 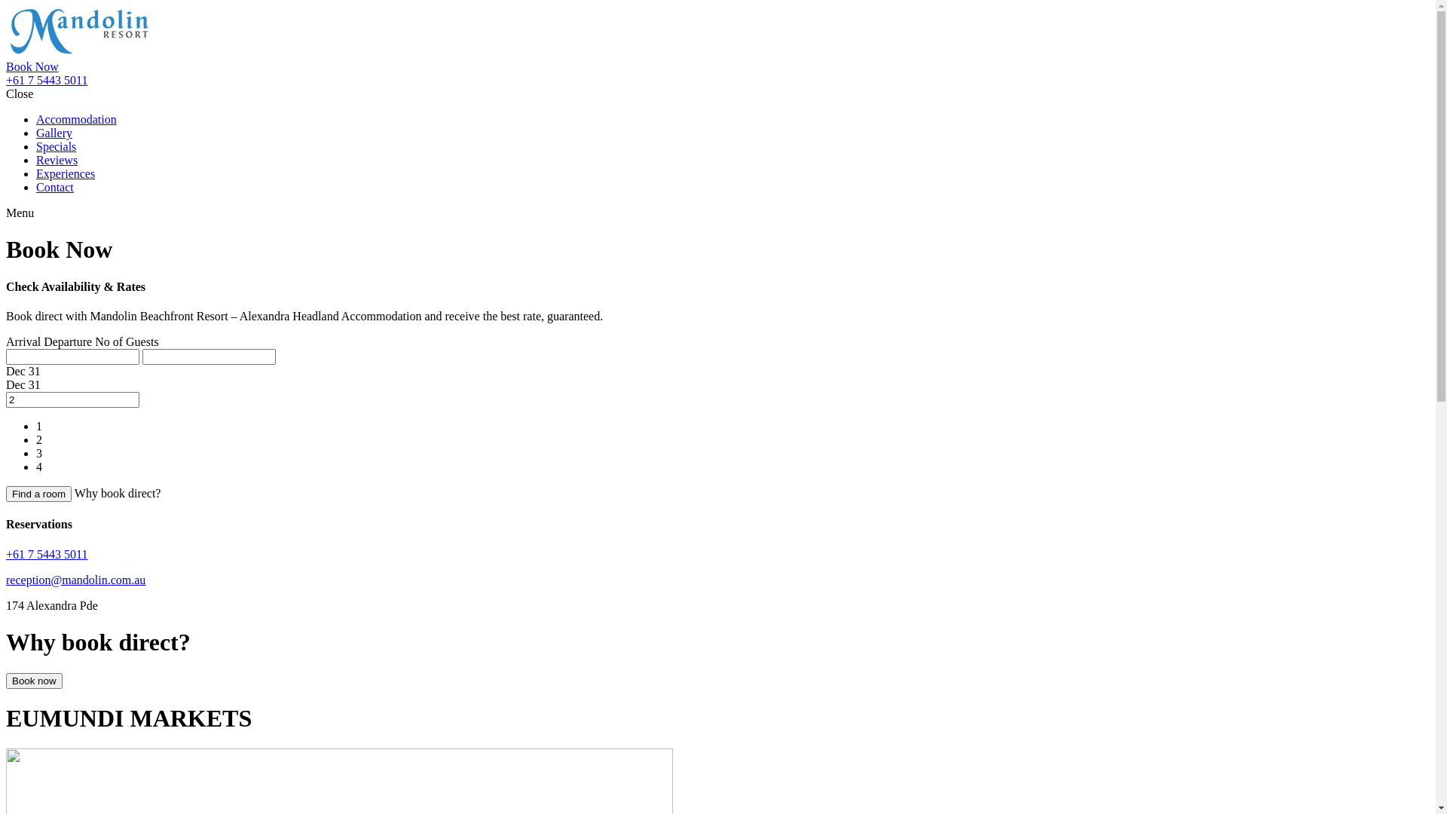 What do you see at coordinates (47, 554) in the screenshot?
I see `'+61 7 5443 5011'` at bounding box center [47, 554].